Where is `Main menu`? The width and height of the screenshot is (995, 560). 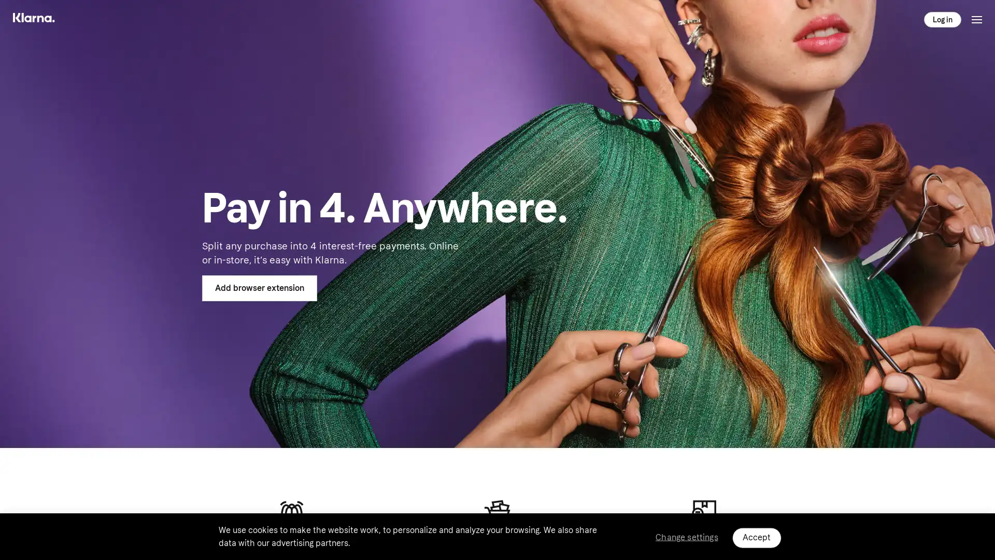
Main menu is located at coordinates (42, 19).